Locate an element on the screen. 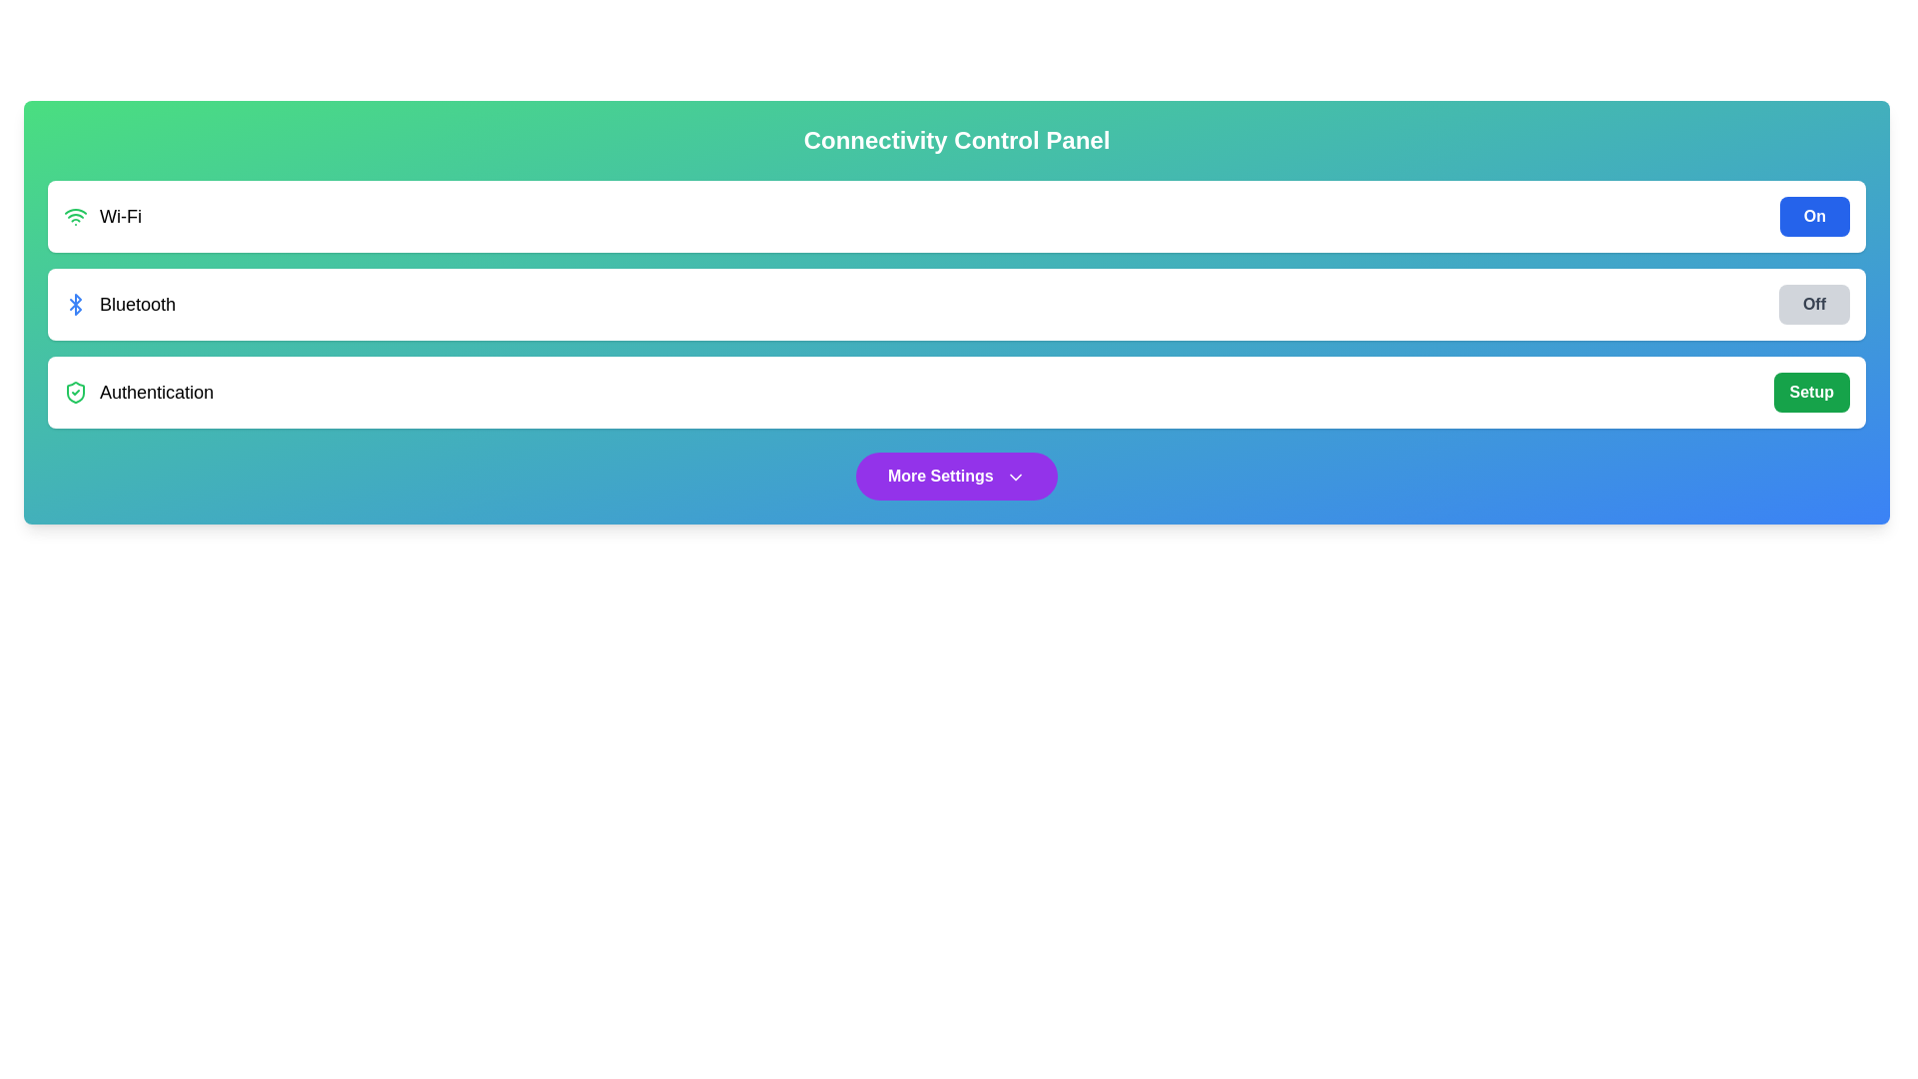  the Bluetooth icon, which is a blue geometric symbol representing Bluetooth, positioned to the left of the 'Bluetooth' text in the UI is located at coordinates (76, 304).